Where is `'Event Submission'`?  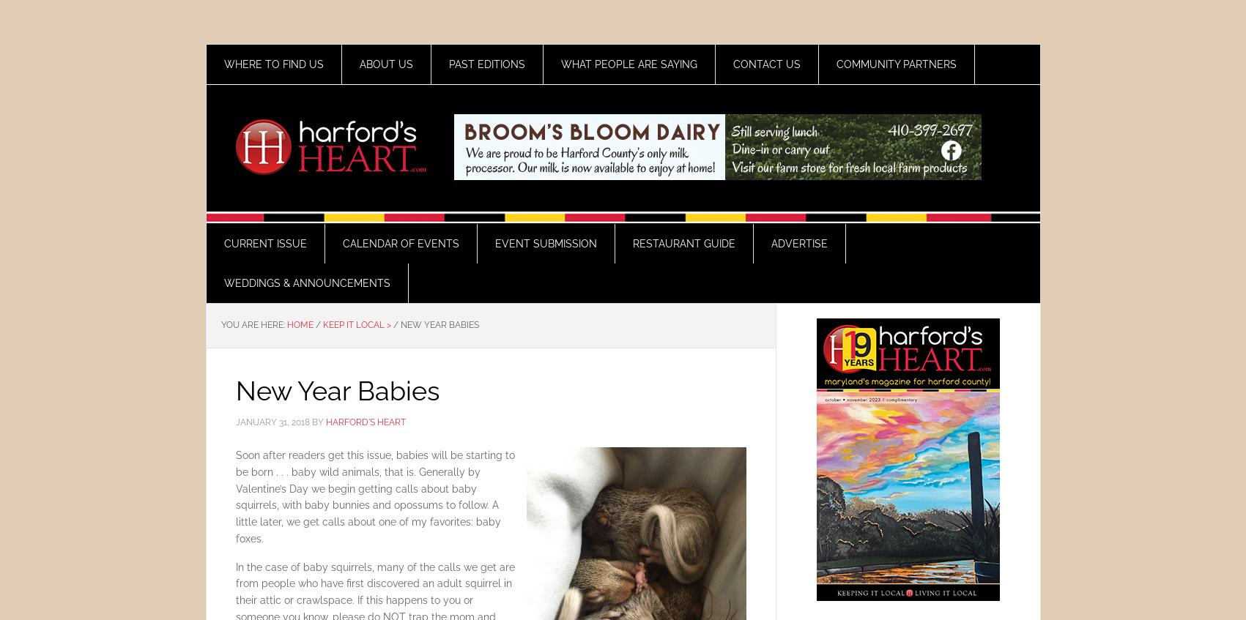 'Event Submission' is located at coordinates (545, 244).